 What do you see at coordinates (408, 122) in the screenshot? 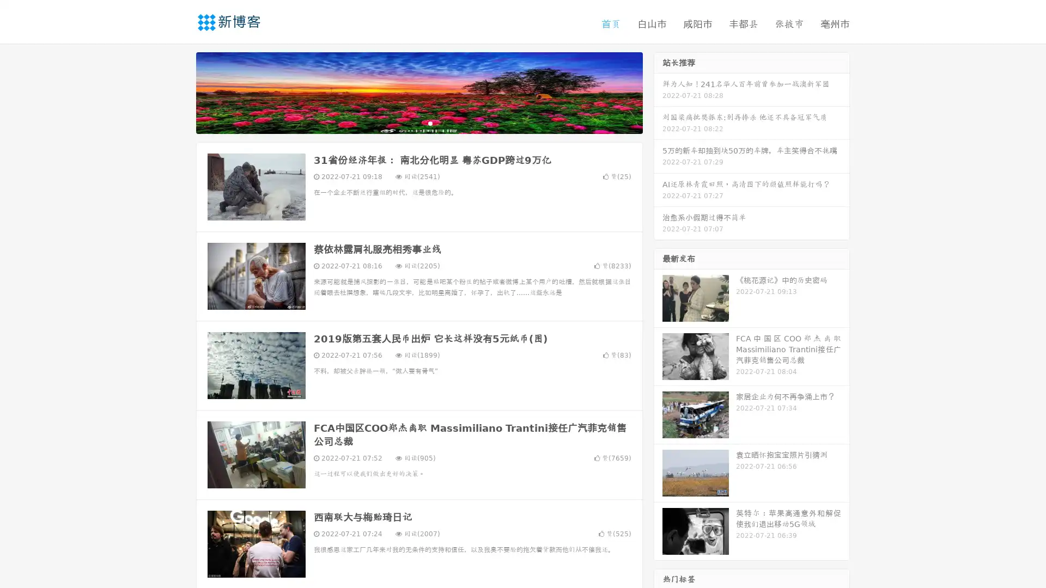
I see `Go to slide 1` at bounding box center [408, 122].